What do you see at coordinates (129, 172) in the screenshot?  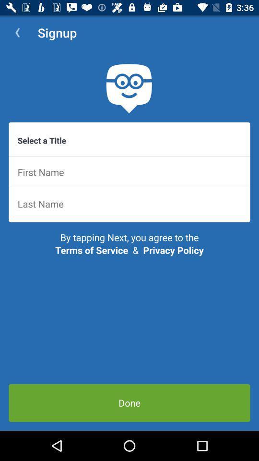 I see `name` at bounding box center [129, 172].